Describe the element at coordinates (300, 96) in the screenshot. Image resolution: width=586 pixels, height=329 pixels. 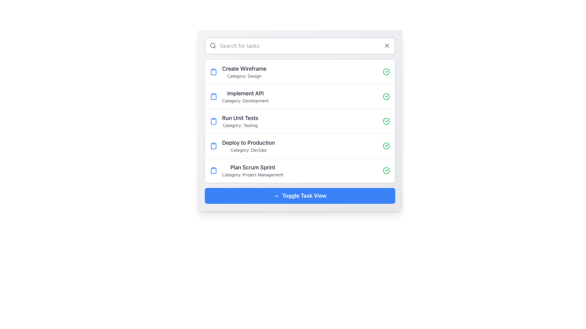
I see `the second task in the list, located below 'Create Wireframe'` at that location.